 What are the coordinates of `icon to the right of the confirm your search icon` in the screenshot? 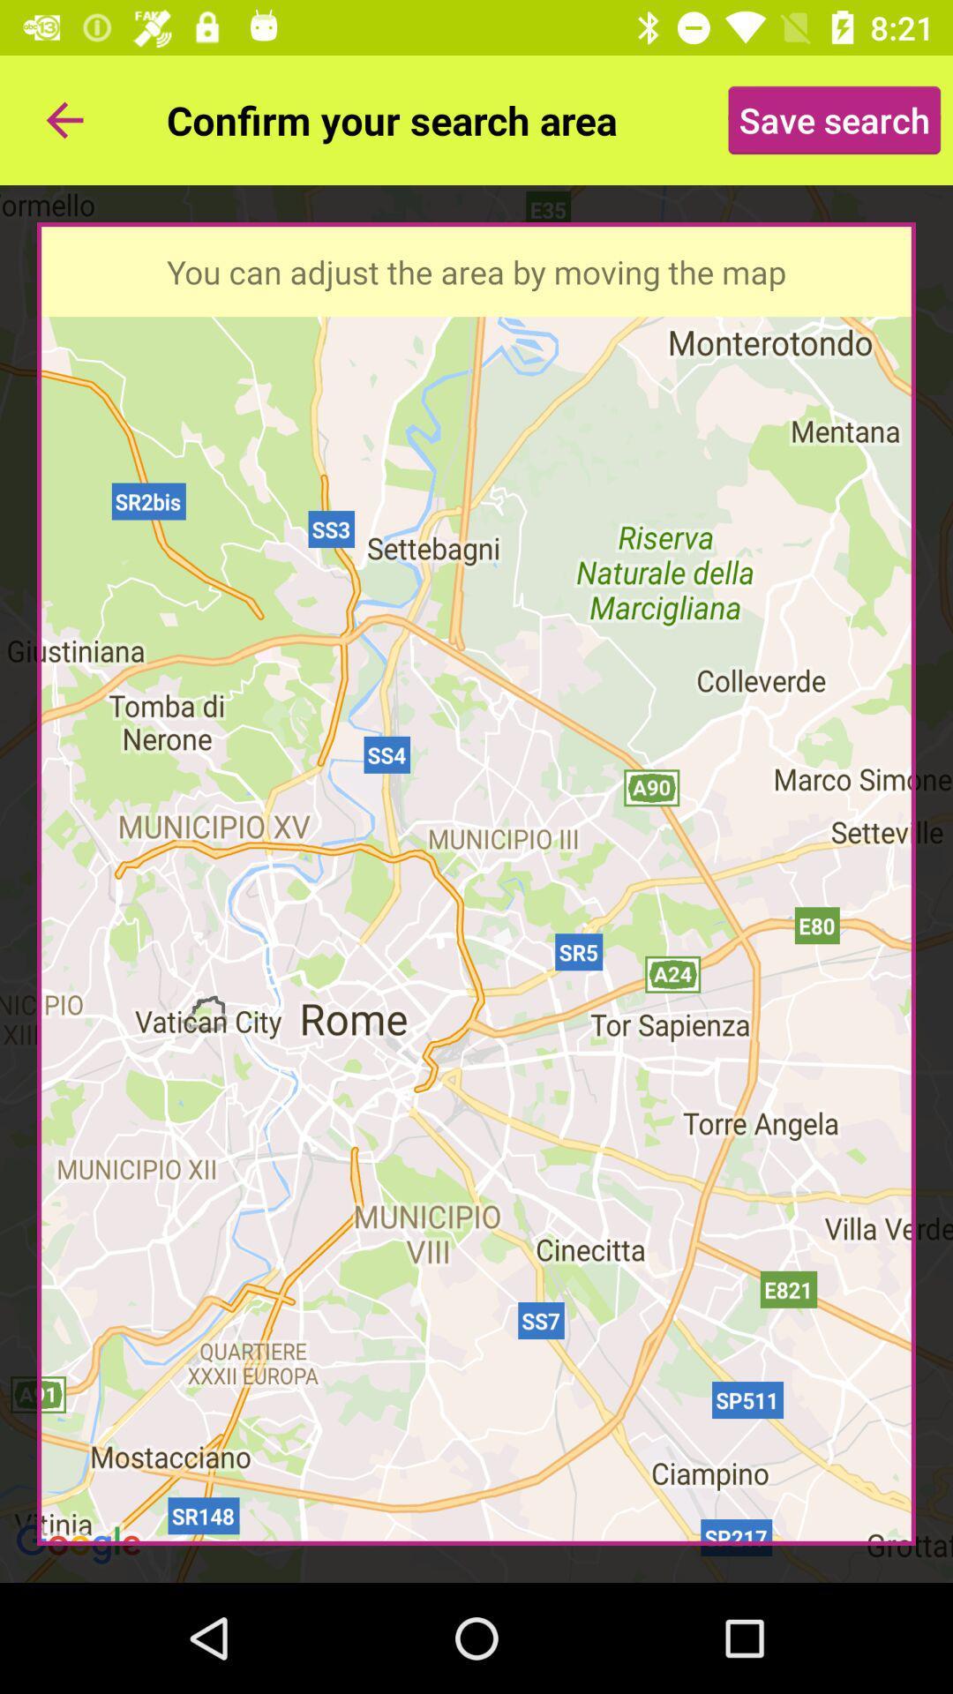 It's located at (834, 119).